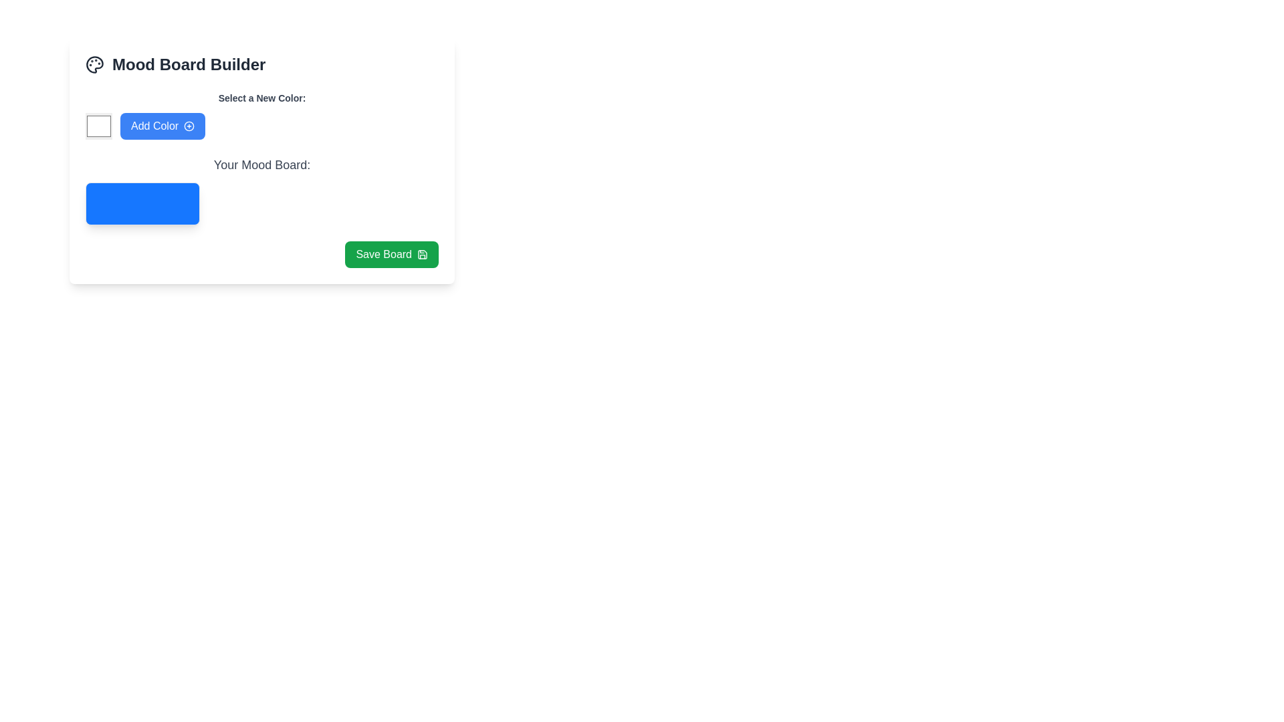  I want to click on the title 'Mood Board Builder' to understand the section's purpose, so click(262, 64).